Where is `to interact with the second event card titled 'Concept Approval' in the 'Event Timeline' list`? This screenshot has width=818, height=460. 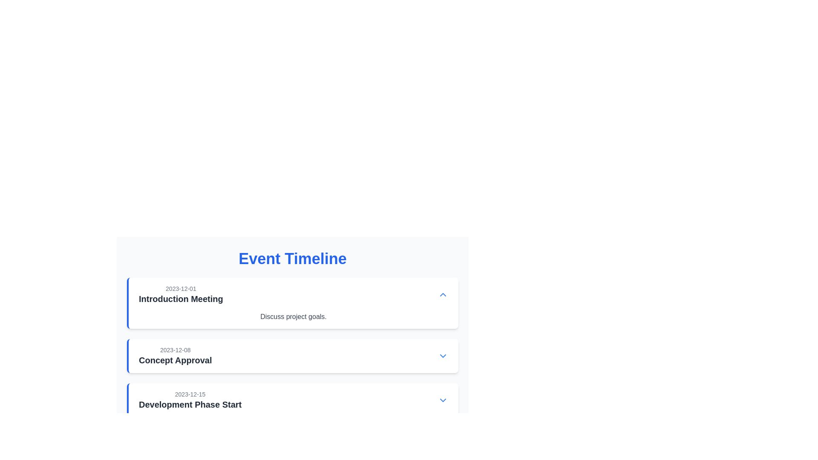 to interact with the second event card titled 'Concept Approval' in the 'Event Timeline' list is located at coordinates (292, 348).